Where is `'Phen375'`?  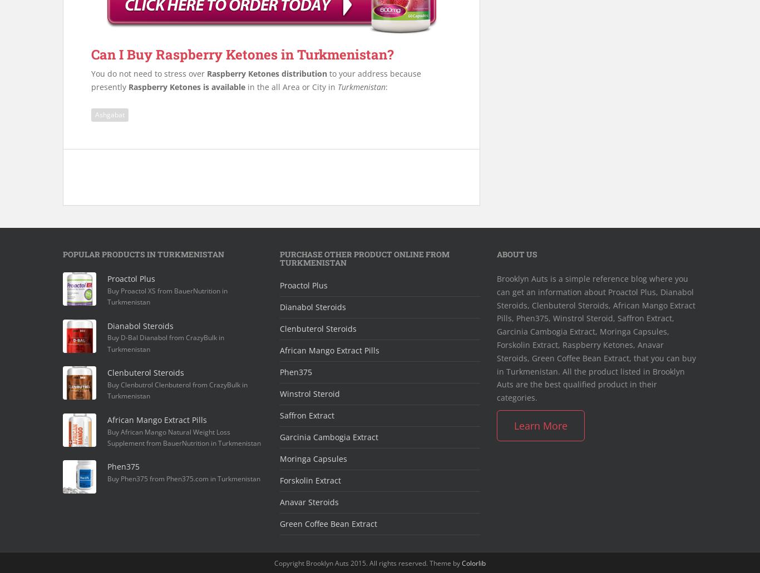 'Phen375' is located at coordinates (296, 372).